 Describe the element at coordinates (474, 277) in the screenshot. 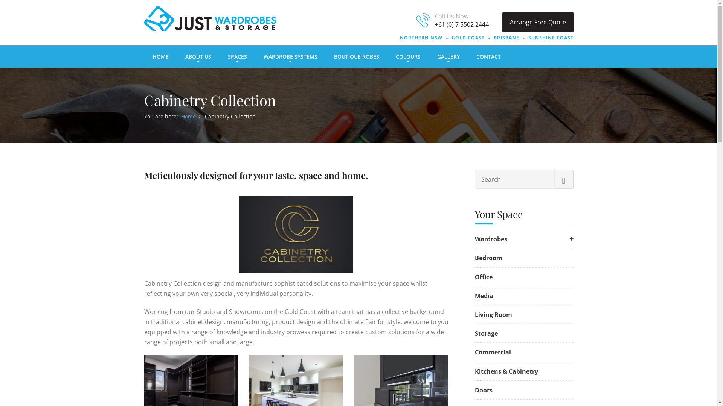

I see `'Office'` at that location.